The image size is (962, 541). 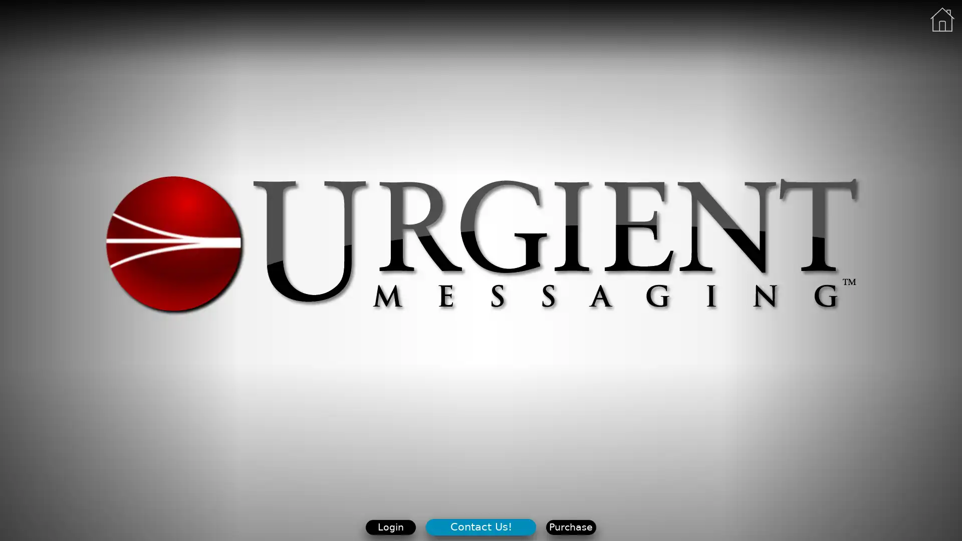 What do you see at coordinates (571, 526) in the screenshot?
I see `Purchase` at bounding box center [571, 526].